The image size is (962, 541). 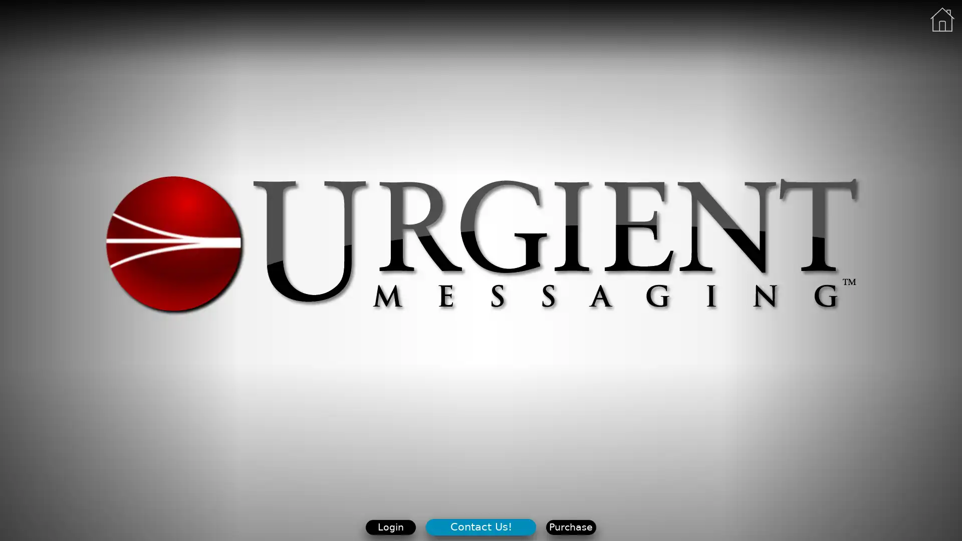 What do you see at coordinates (571, 526) in the screenshot?
I see `Purchase` at bounding box center [571, 526].